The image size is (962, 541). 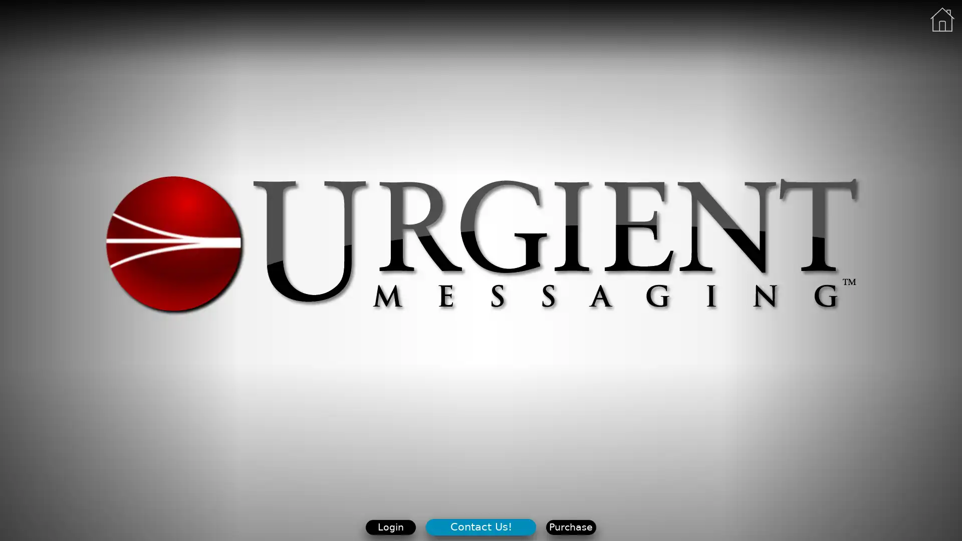 What do you see at coordinates (571, 526) in the screenshot?
I see `Purchase` at bounding box center [571, 526].